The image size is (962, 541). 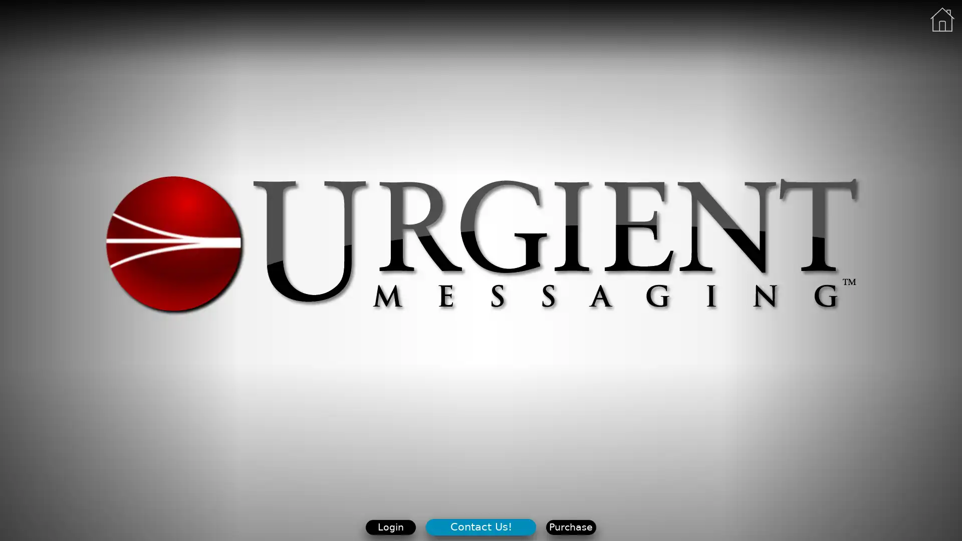 What do you see at coordinates (571, 526) in the screenshot?
I see `Purchase` at bounding box center [571, 526].